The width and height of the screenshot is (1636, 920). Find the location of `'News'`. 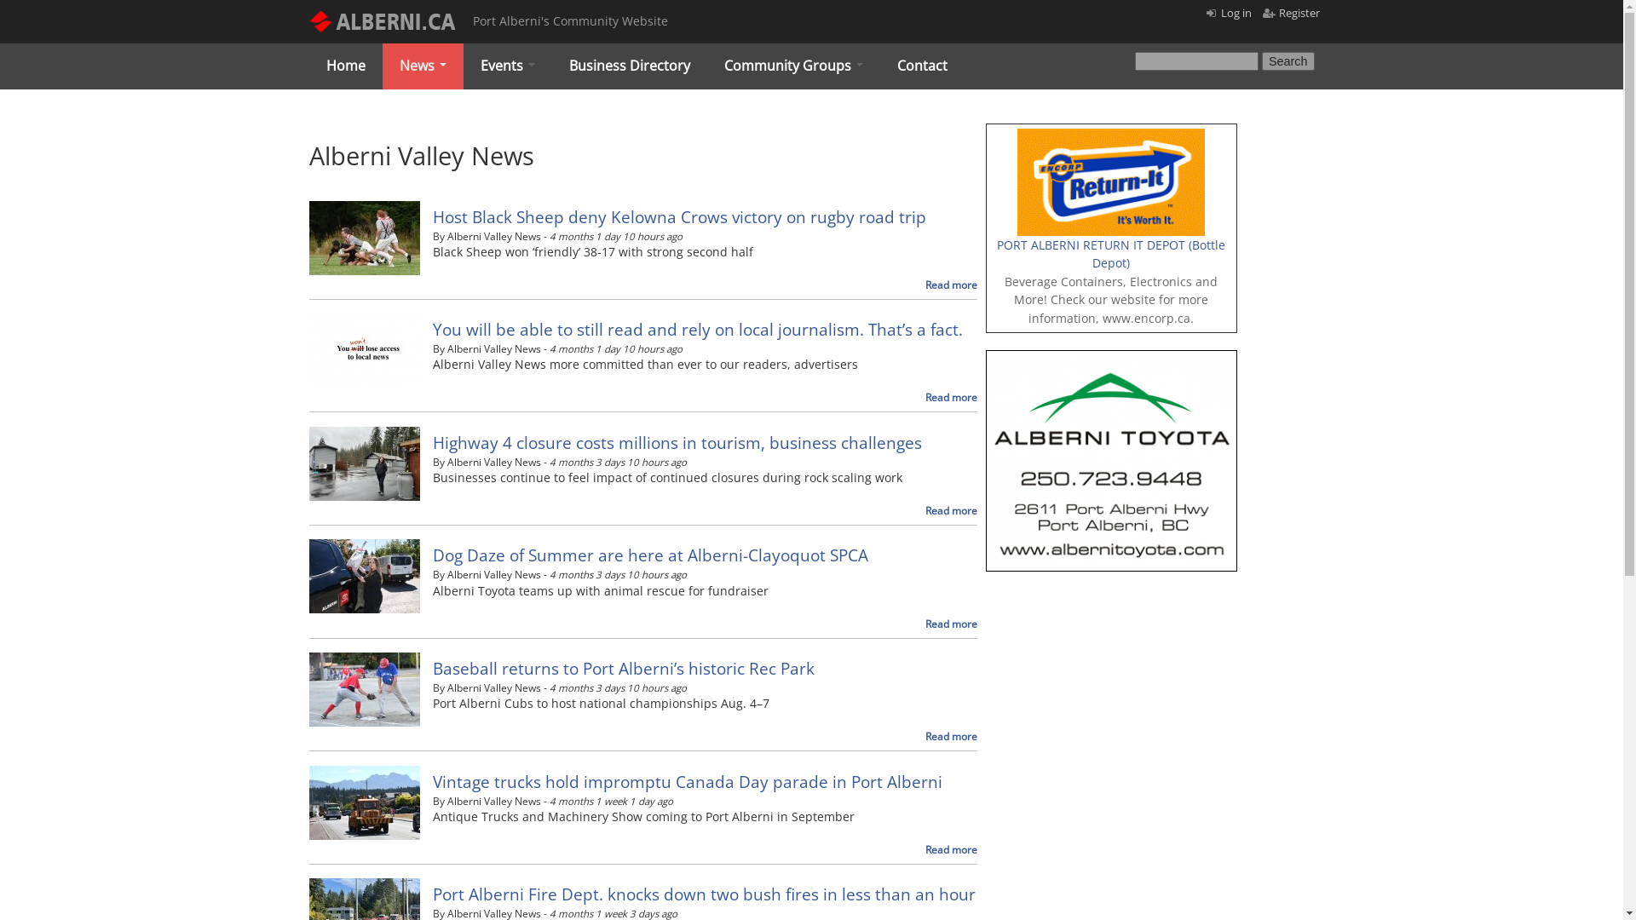

'News' is located at coordinates (422, 65).